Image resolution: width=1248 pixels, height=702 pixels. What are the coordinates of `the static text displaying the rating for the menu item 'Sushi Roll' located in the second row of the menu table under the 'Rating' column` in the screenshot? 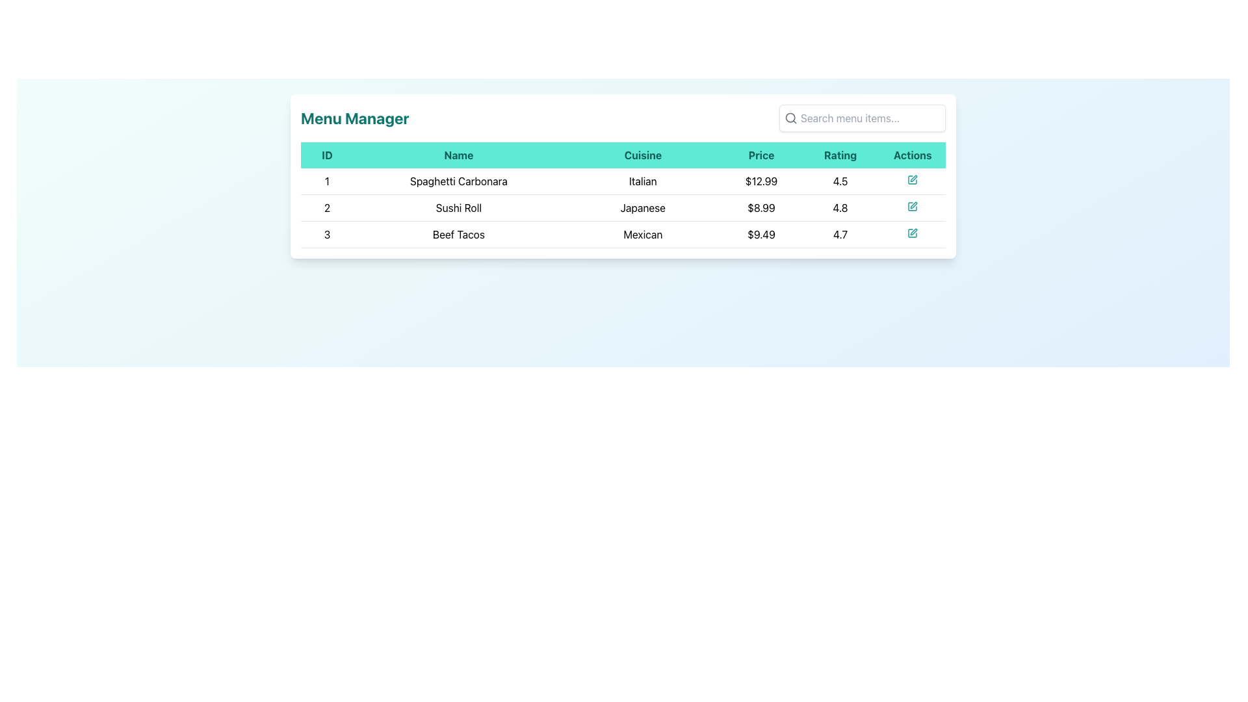 It's located at (840, 207).